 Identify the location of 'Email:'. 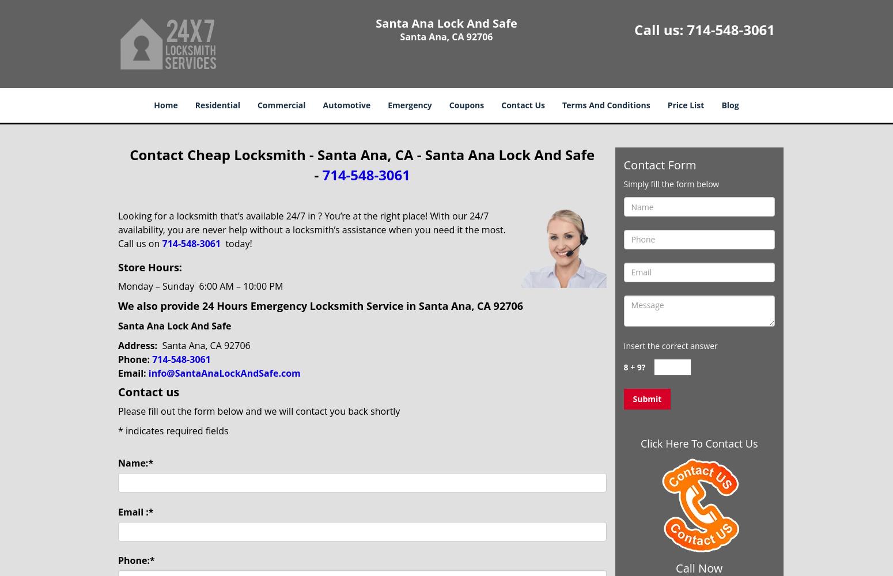
(132, 373).